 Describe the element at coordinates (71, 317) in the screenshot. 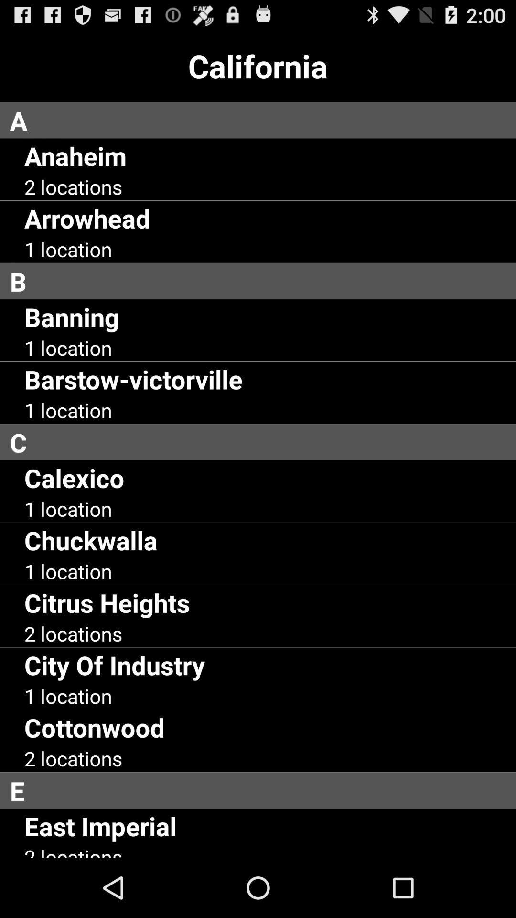

I see `item below b icon` at that location.